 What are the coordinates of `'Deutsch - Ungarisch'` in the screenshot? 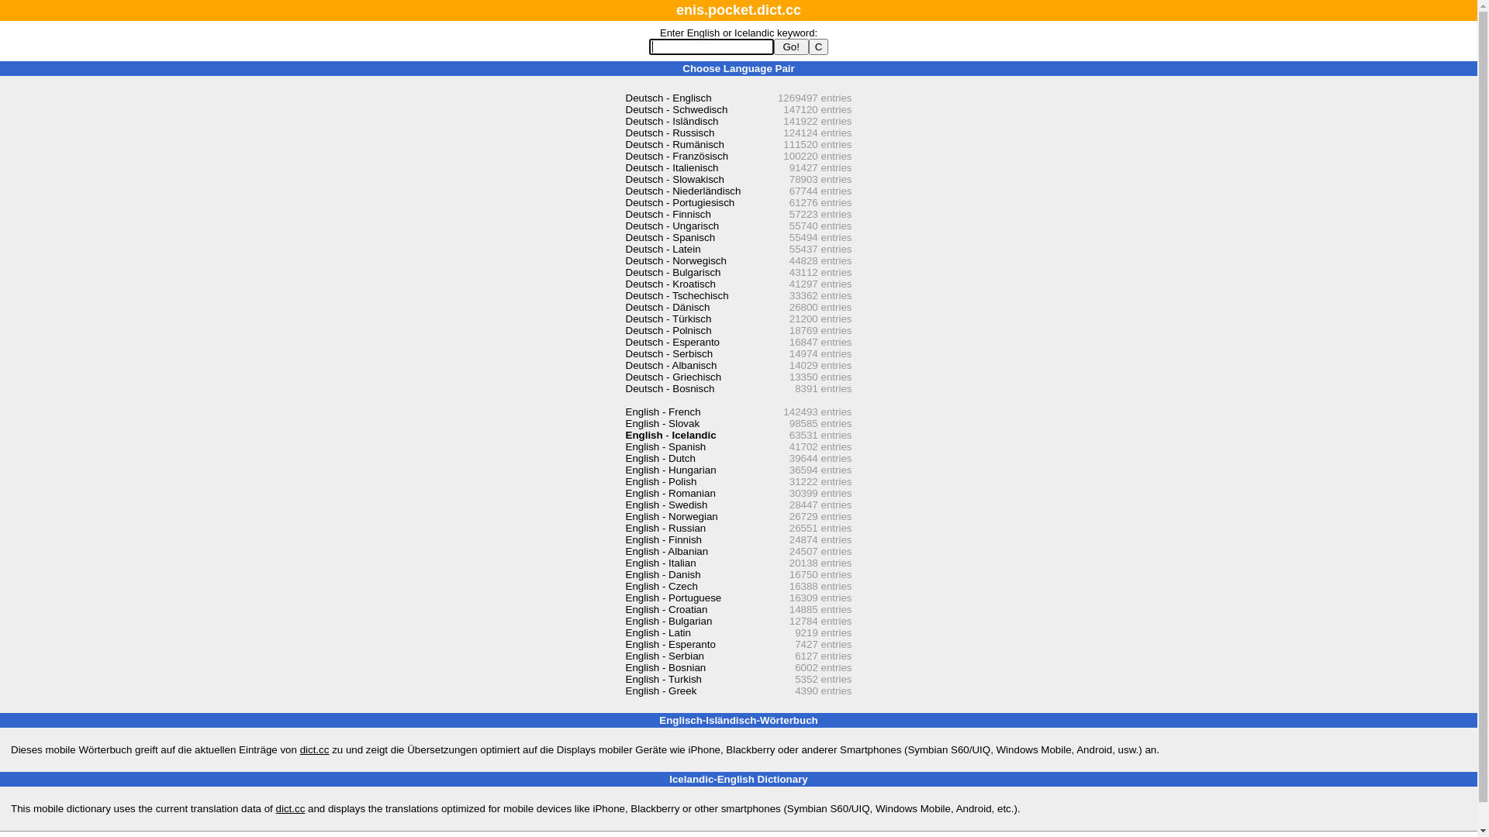 It's located at (672, 226).